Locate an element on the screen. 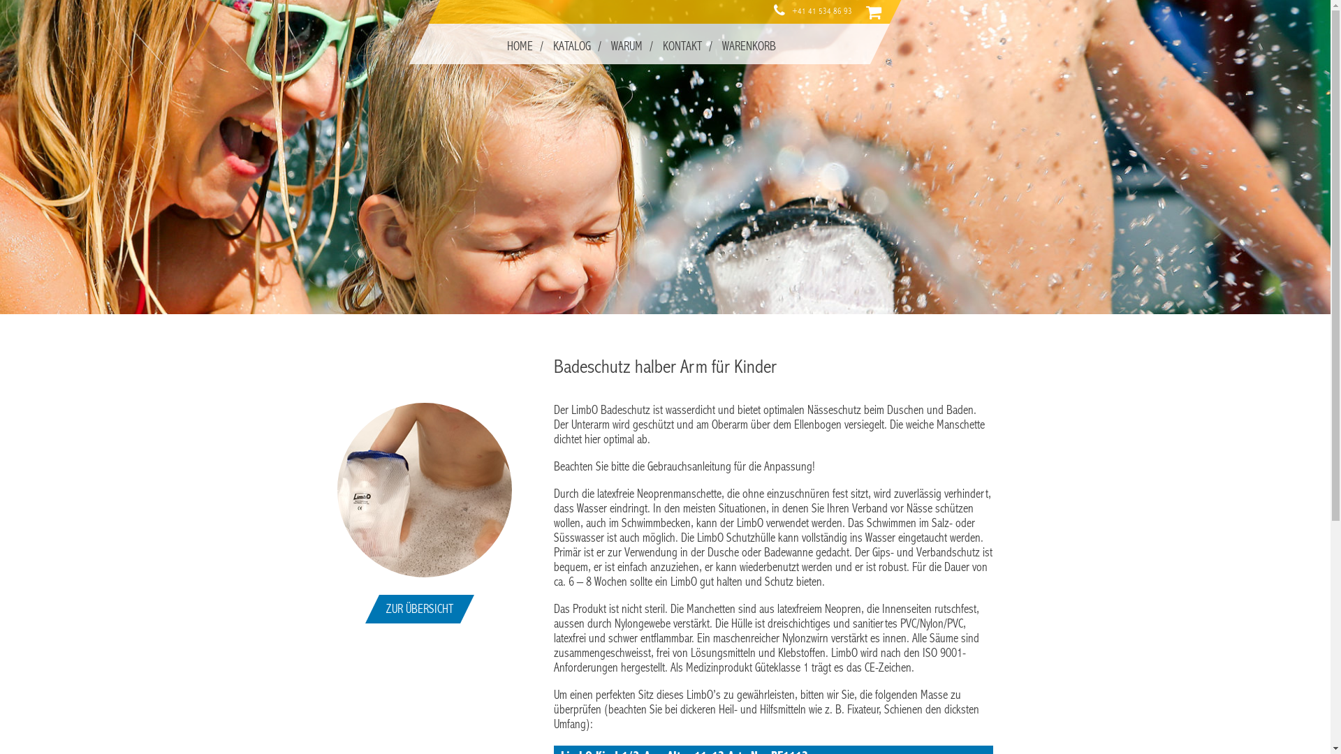 The height and width of the screenshot is (754, 1341). '+41 41 534 86 93' is located at coordinates (821, 11).